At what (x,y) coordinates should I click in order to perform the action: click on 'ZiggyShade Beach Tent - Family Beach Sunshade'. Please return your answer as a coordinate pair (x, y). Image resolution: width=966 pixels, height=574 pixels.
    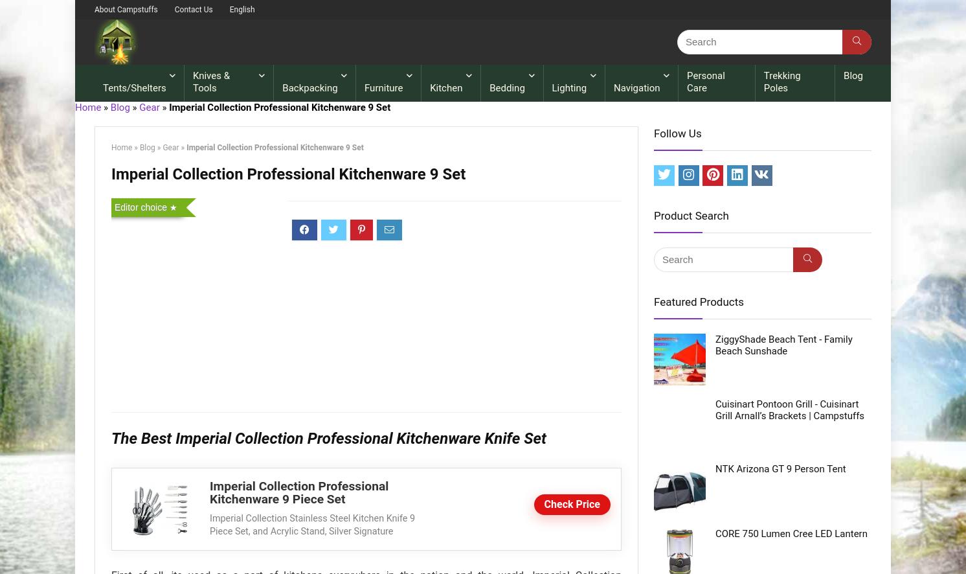
    Looking at the image, I should click on (783, 345).